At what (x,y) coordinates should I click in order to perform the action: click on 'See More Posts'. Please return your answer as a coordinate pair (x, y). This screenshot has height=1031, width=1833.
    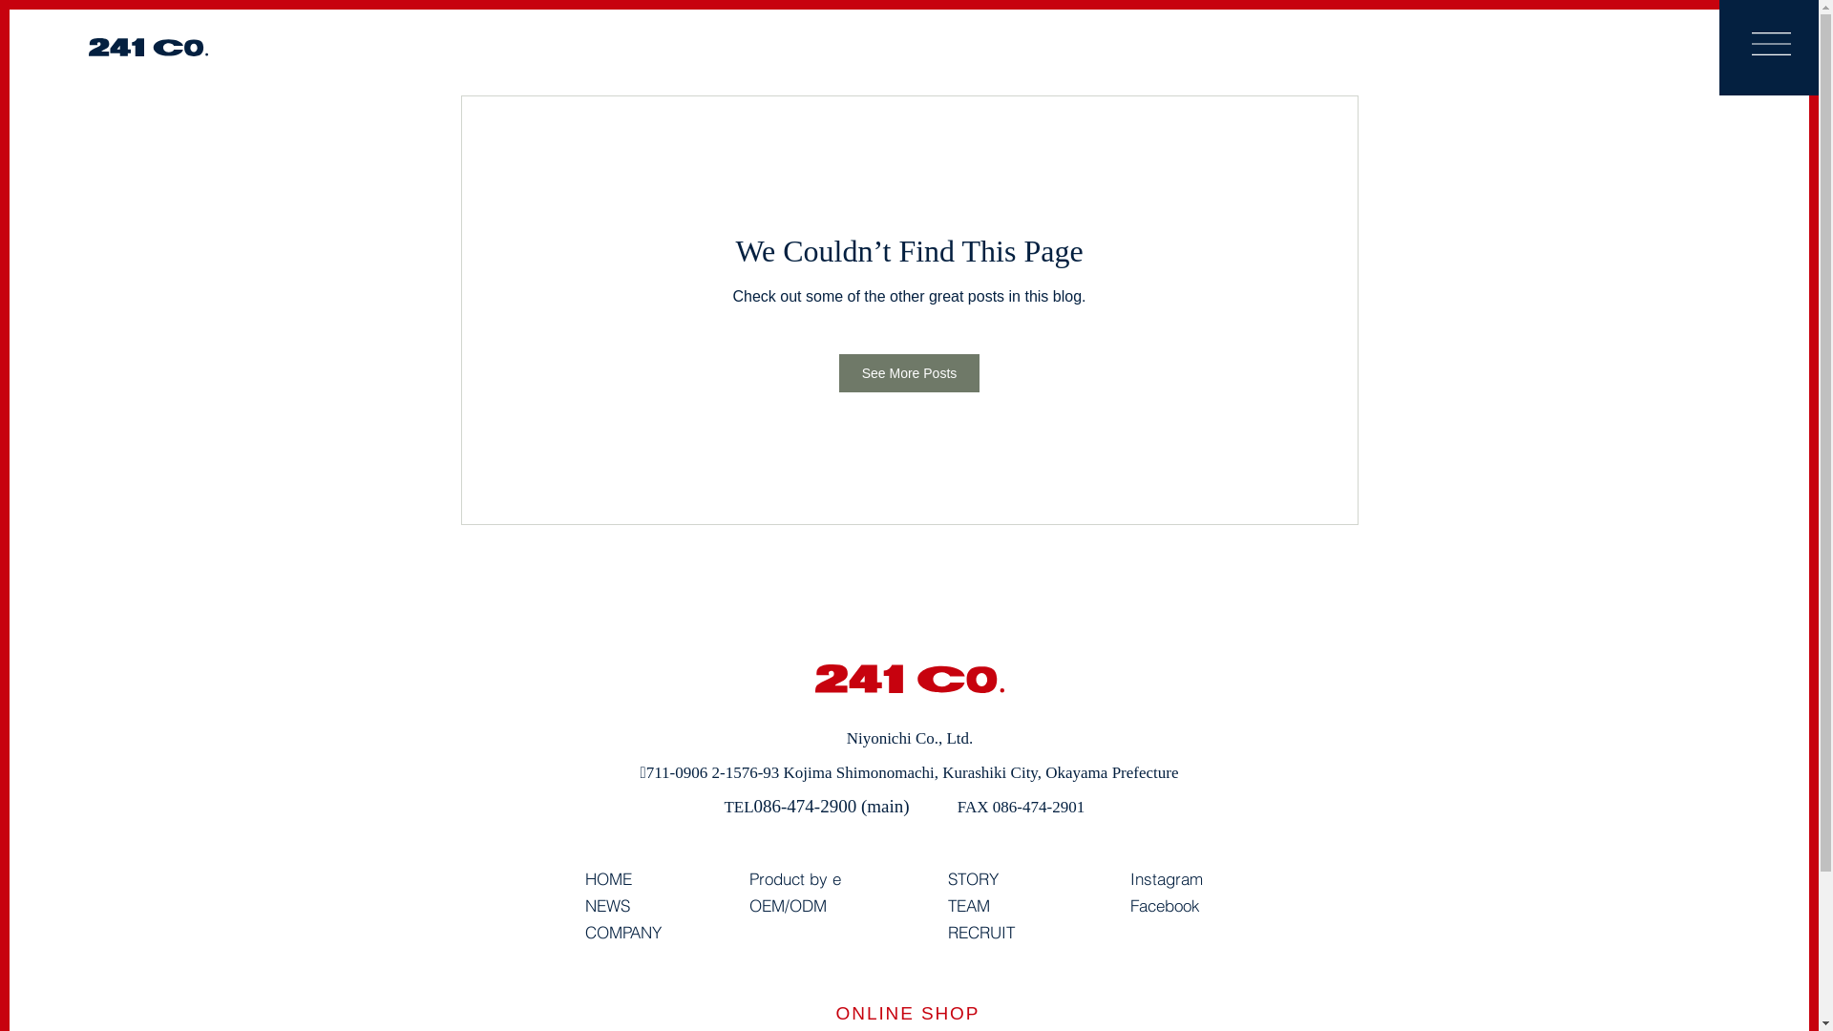
    Looking at the image, I should click on (909, 372).